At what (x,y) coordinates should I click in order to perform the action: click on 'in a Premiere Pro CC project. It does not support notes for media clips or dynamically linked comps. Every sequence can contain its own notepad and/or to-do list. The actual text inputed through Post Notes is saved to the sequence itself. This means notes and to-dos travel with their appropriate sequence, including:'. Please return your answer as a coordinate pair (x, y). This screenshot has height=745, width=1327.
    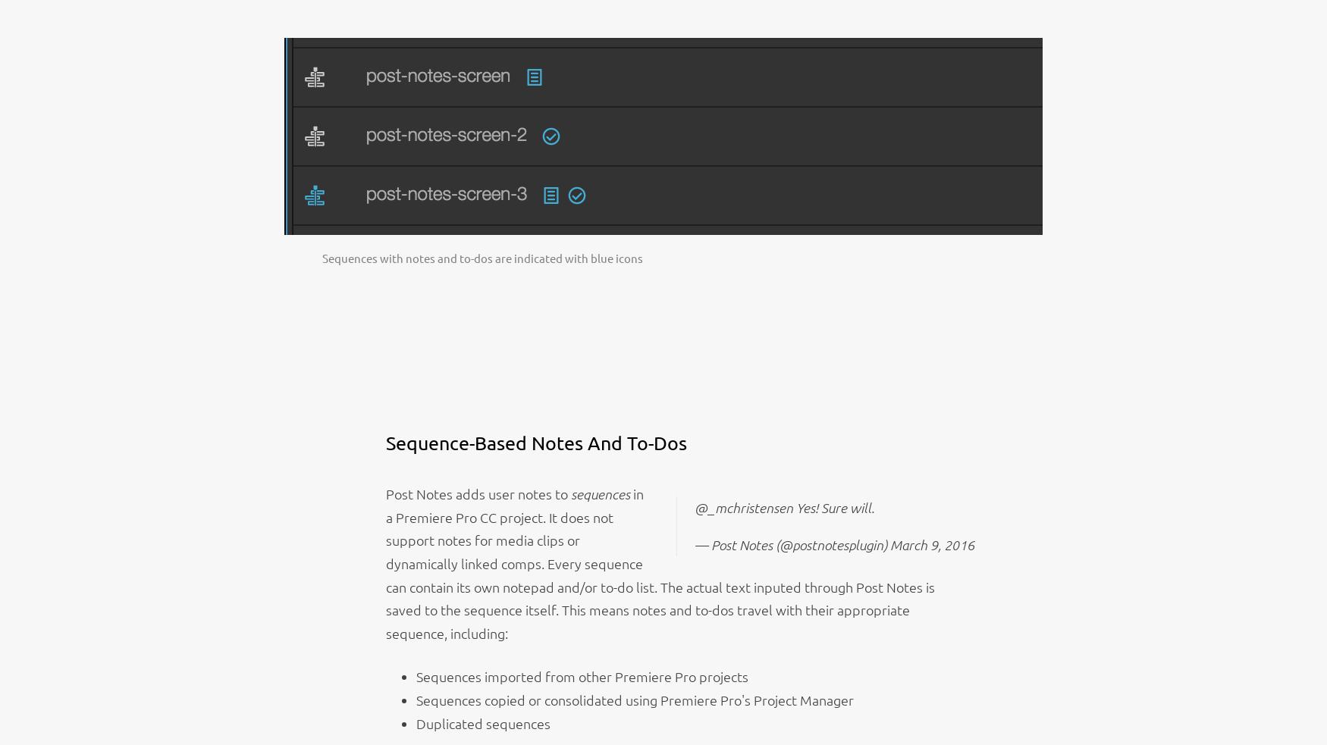
    Looking at the image, I should click on (659, 562).